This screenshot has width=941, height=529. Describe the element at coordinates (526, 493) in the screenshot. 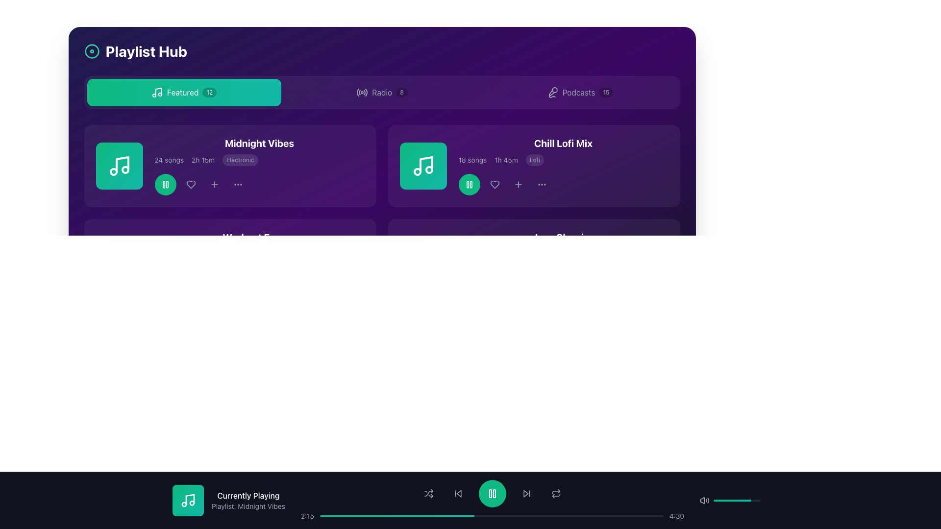

I see `the 'Skip Forward' button located in the bottom control bar, to the right of the central play button, to advance to the next item in the playlist` at that location.